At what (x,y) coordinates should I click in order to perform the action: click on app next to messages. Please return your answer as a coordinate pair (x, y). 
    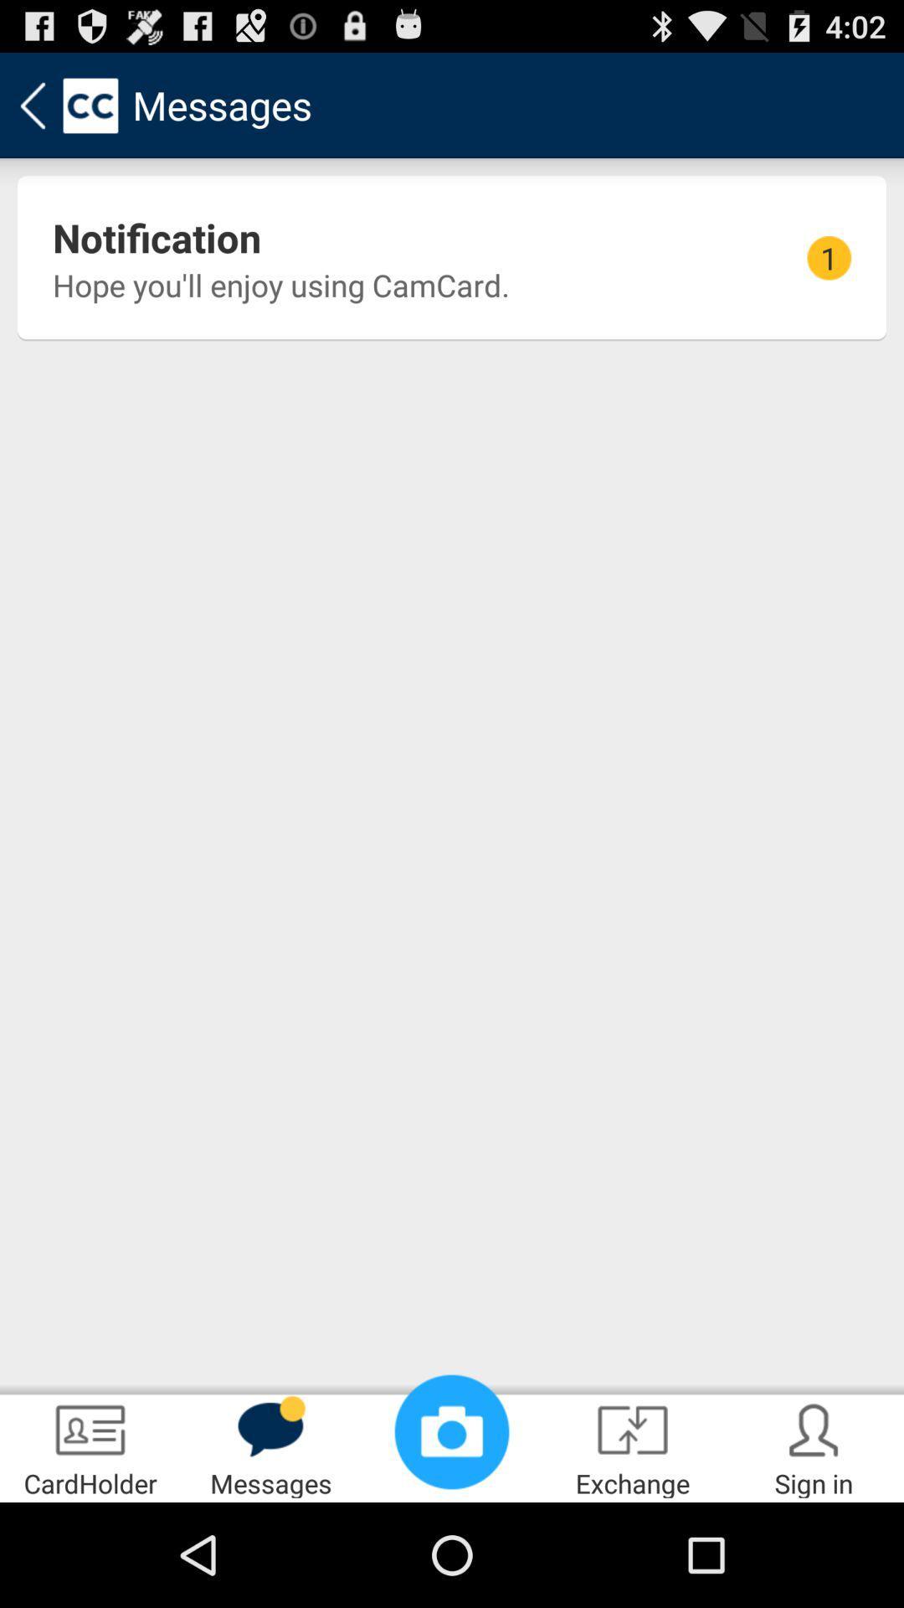
    Looking at the image, I should click on (90, 1446).